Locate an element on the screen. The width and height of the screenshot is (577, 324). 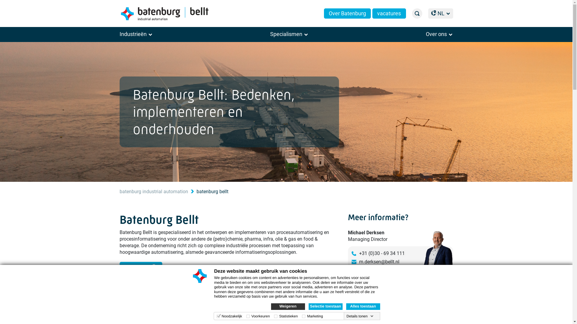
'Specialismen' is located at coordinates (289, 34).